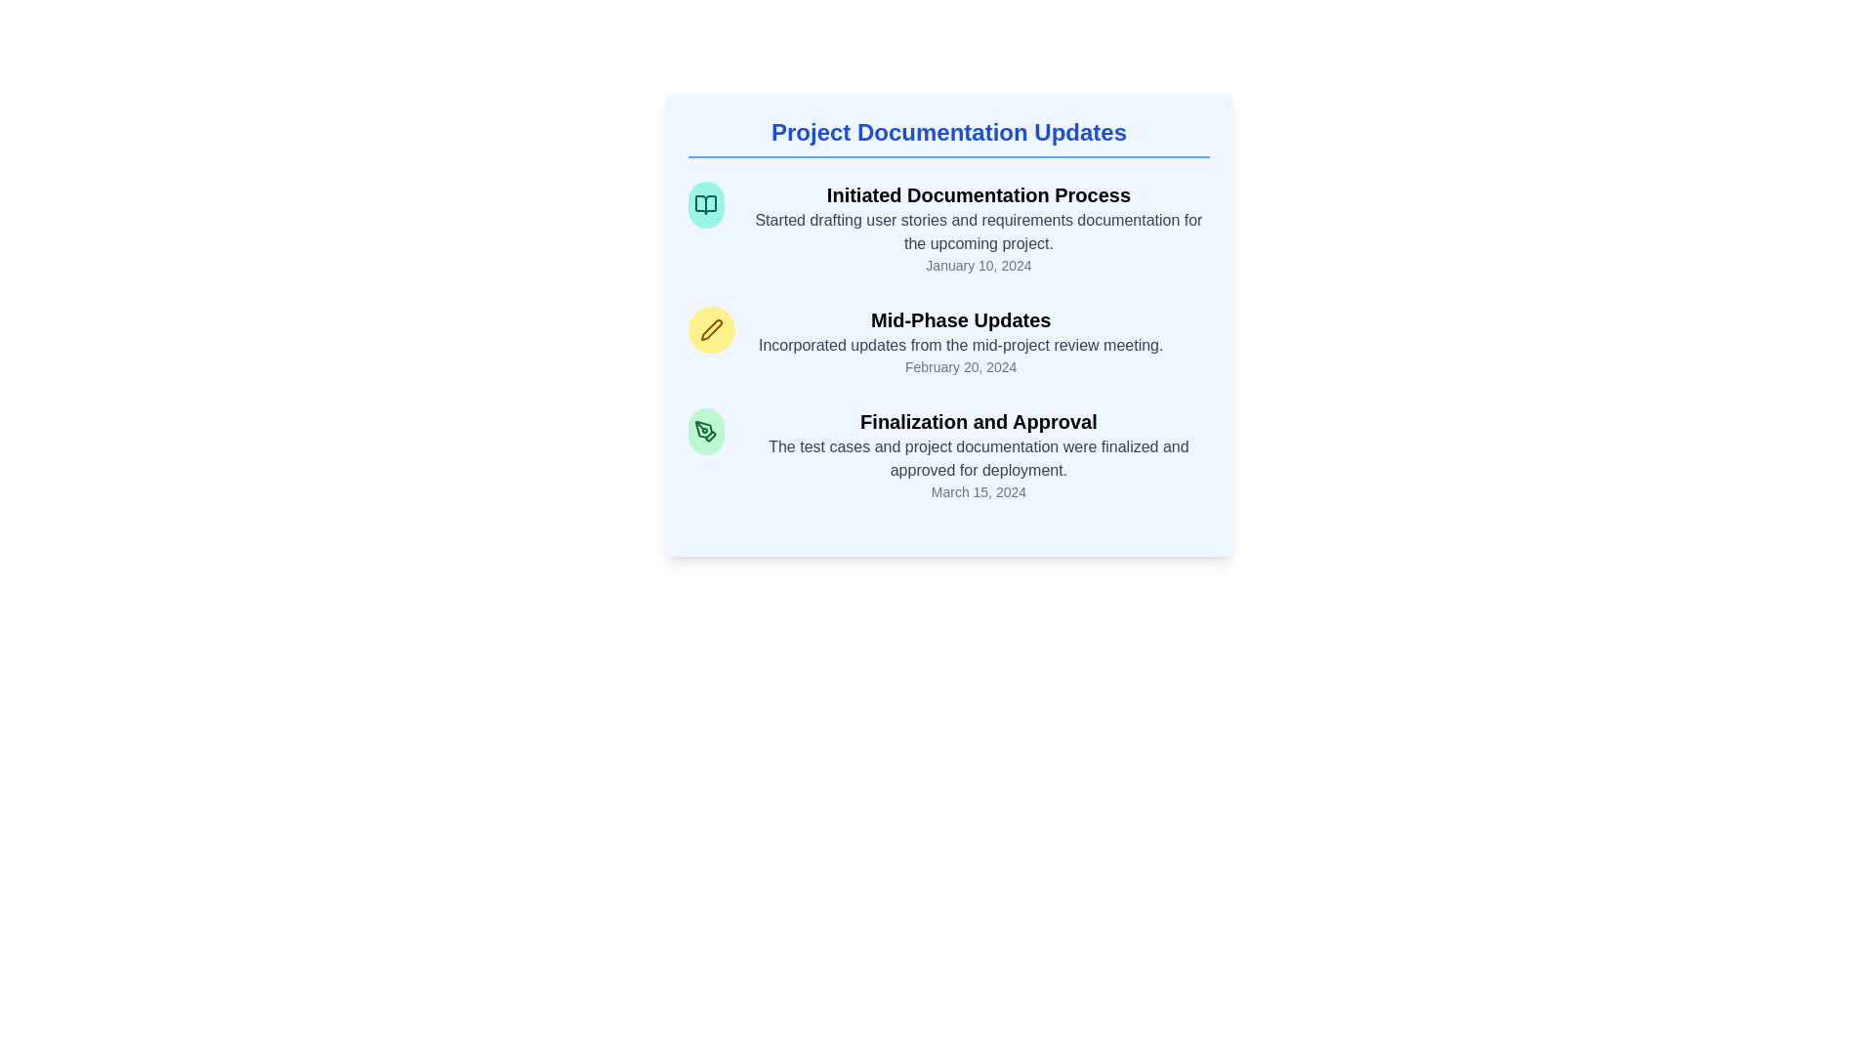  I want to click on descriptive label text that says 'Incorporated updates from the mid-project review meeting.', which is presented in a lighter gray tone and is located below the heading 'Mid-Phase Updates', so click(961, 345).